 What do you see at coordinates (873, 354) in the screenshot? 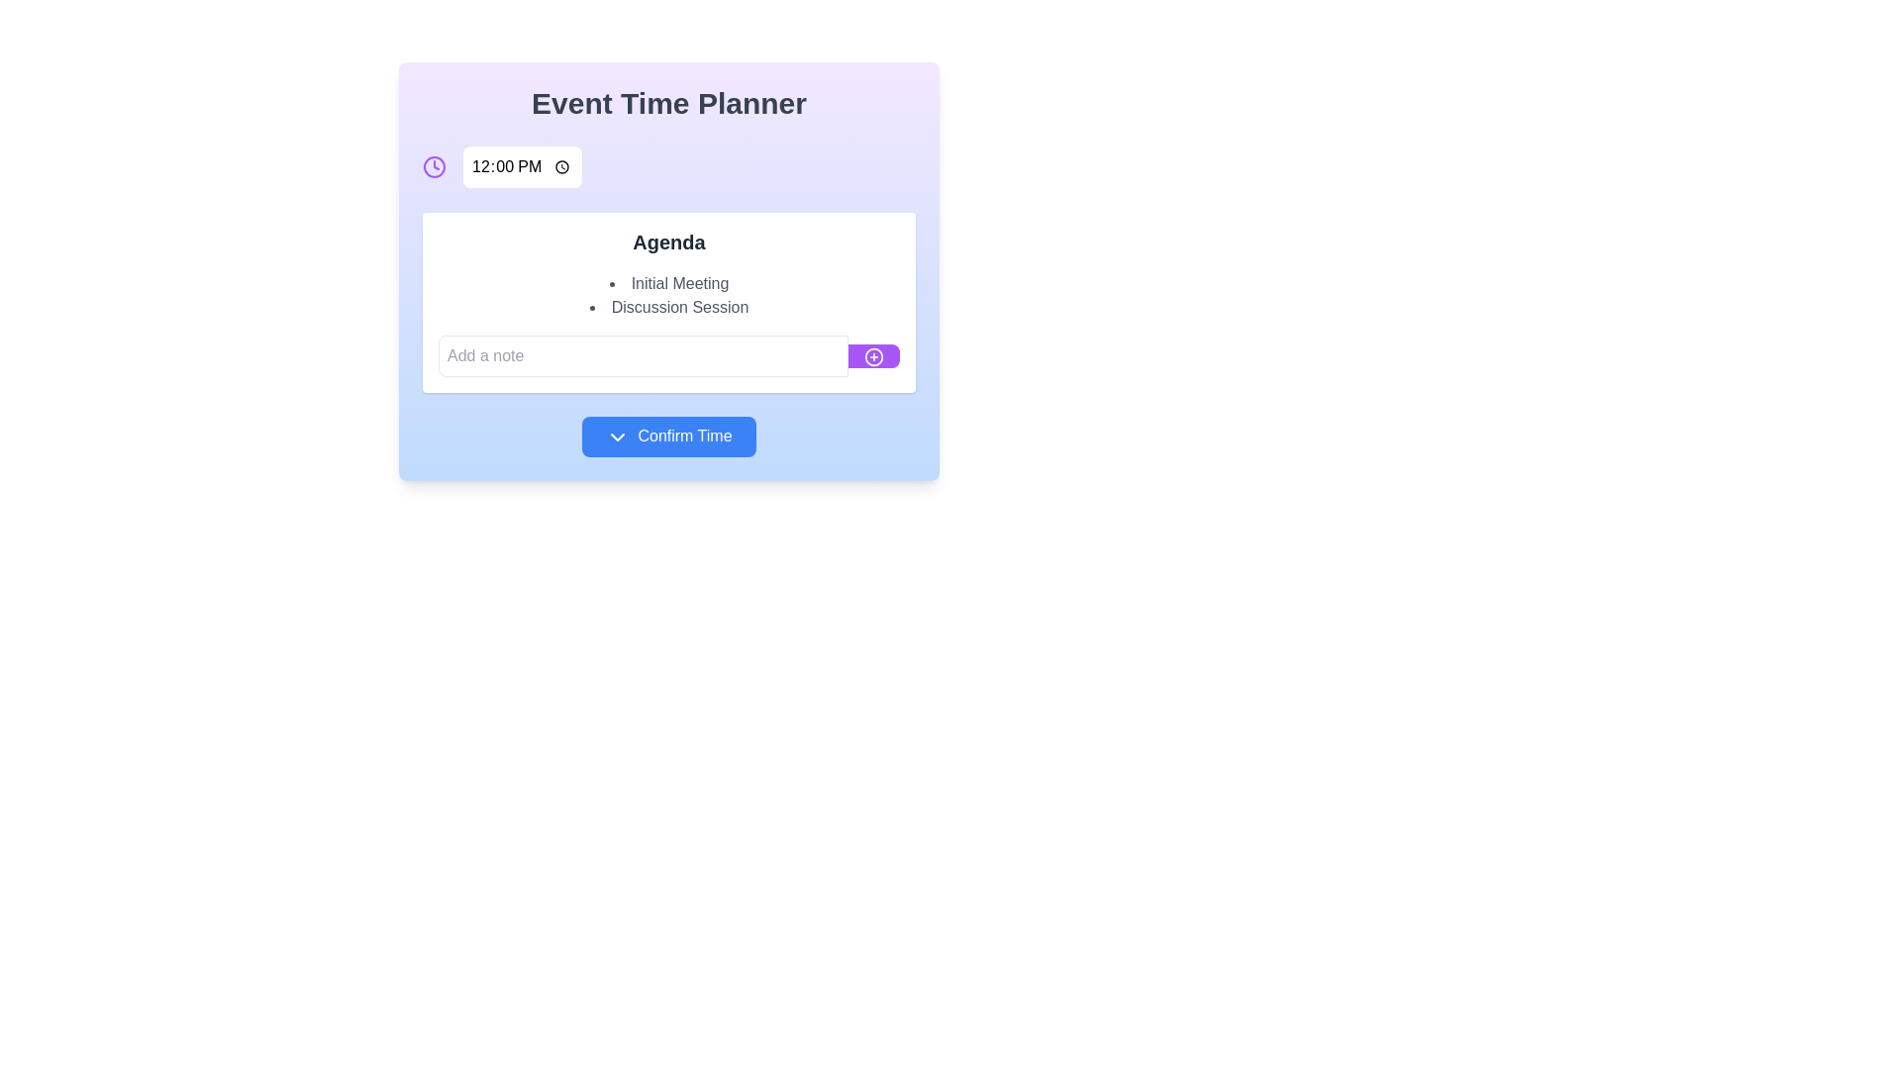
I see `the circular icon button with a plus sign, located to the far right of the note input field` at bounding box center [873, 354].